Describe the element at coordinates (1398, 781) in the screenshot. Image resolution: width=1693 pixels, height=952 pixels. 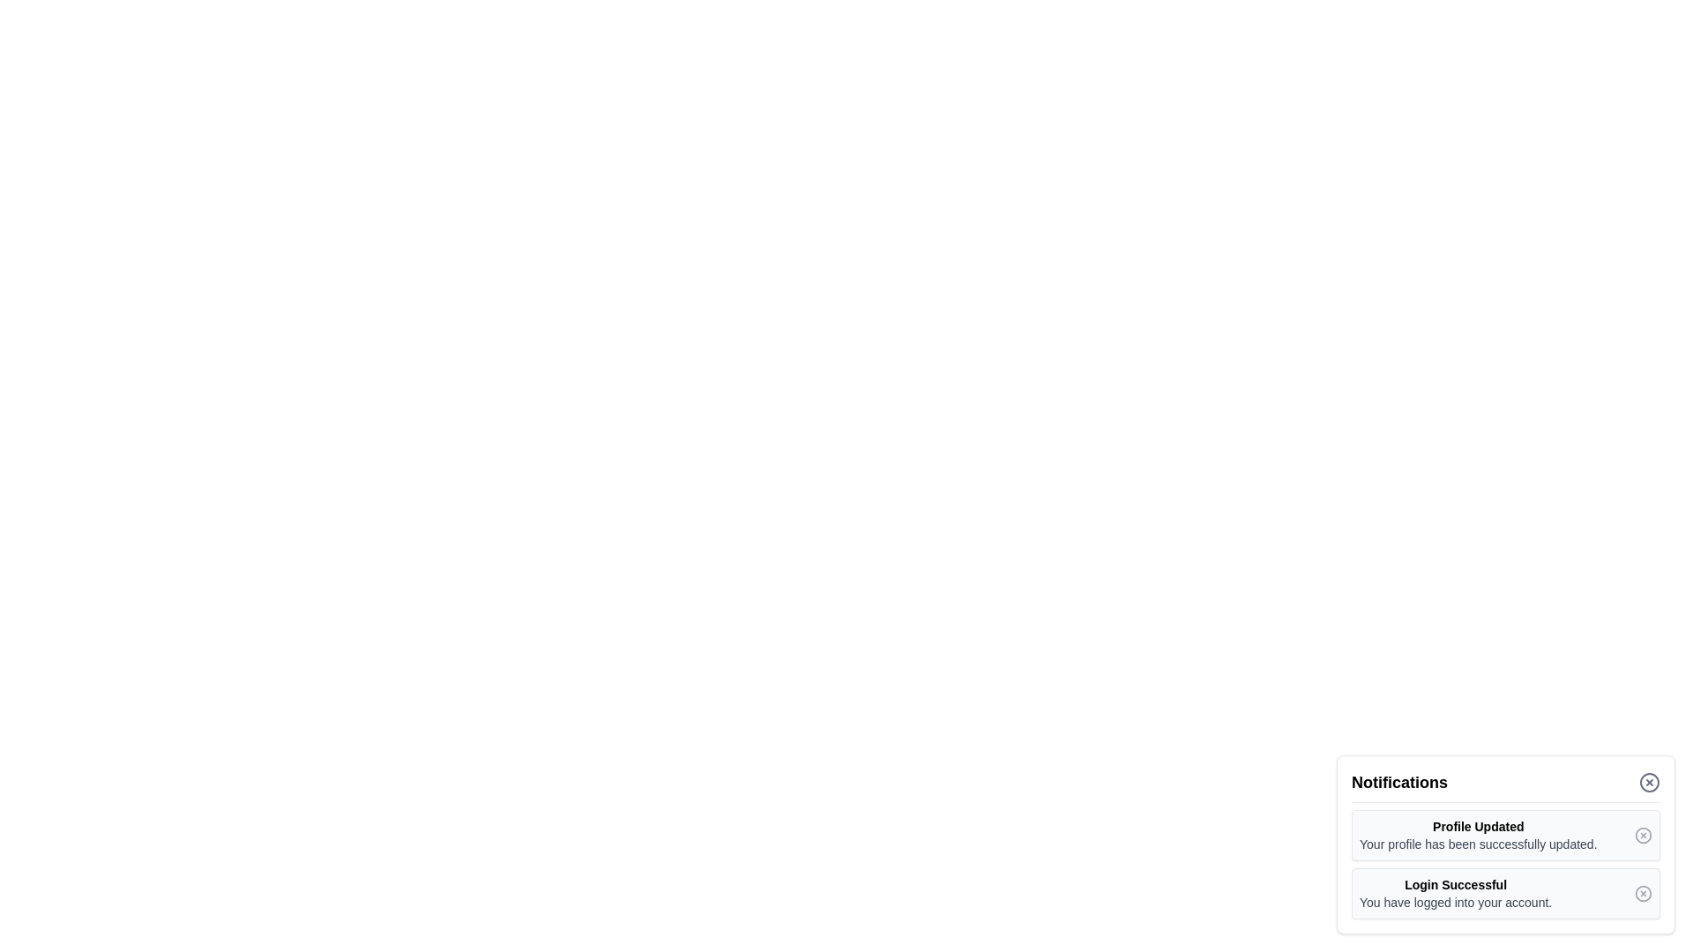
I see `text label which serves as the header for the notification panel, located at the top left of the panel` at that location.